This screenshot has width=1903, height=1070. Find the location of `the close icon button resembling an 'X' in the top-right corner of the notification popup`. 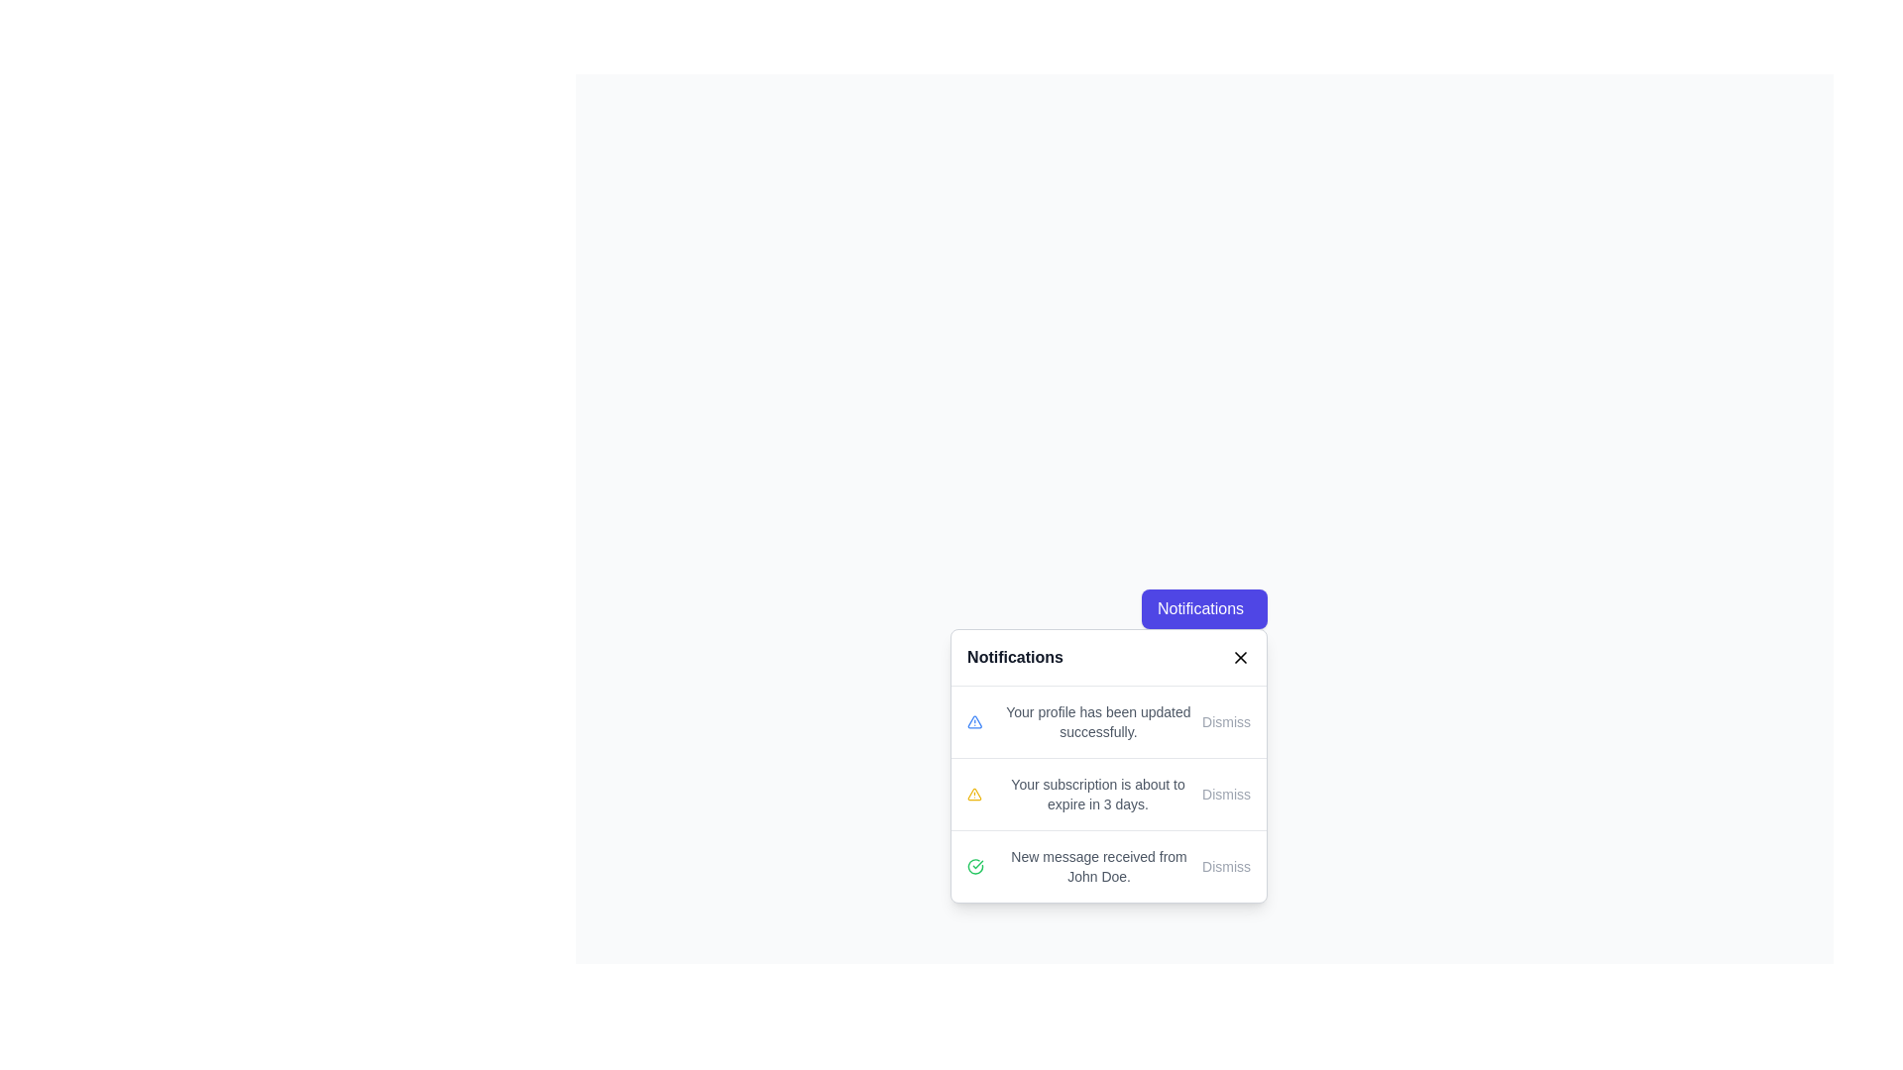

the close icon button resembling an 'X' in the top-right corner of the notification popup is located at coordinates (1240, 657).